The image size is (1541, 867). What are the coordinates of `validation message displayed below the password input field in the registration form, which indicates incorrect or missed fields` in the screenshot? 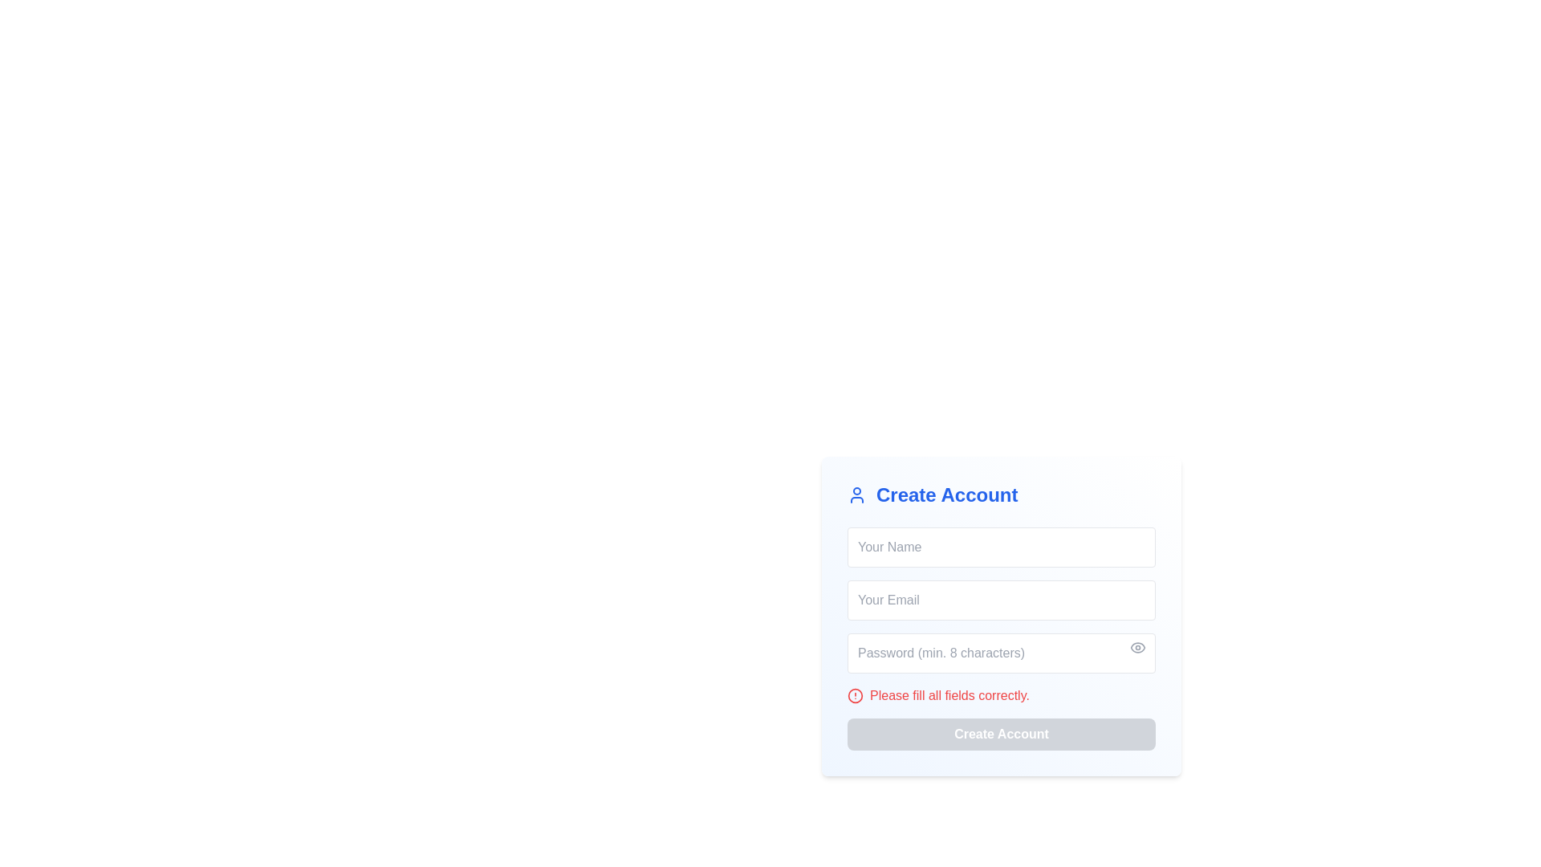 It's located at (949, 695).